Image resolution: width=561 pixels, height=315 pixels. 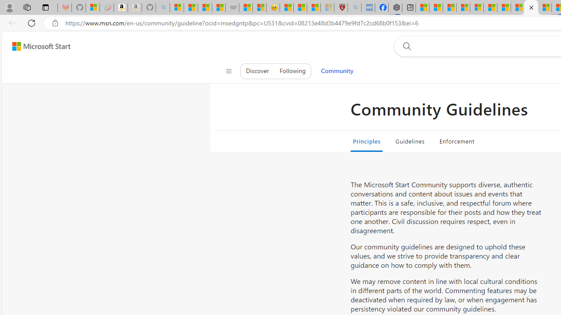 I want to click on 'Microsoft Start', so click(x=41, y=46).